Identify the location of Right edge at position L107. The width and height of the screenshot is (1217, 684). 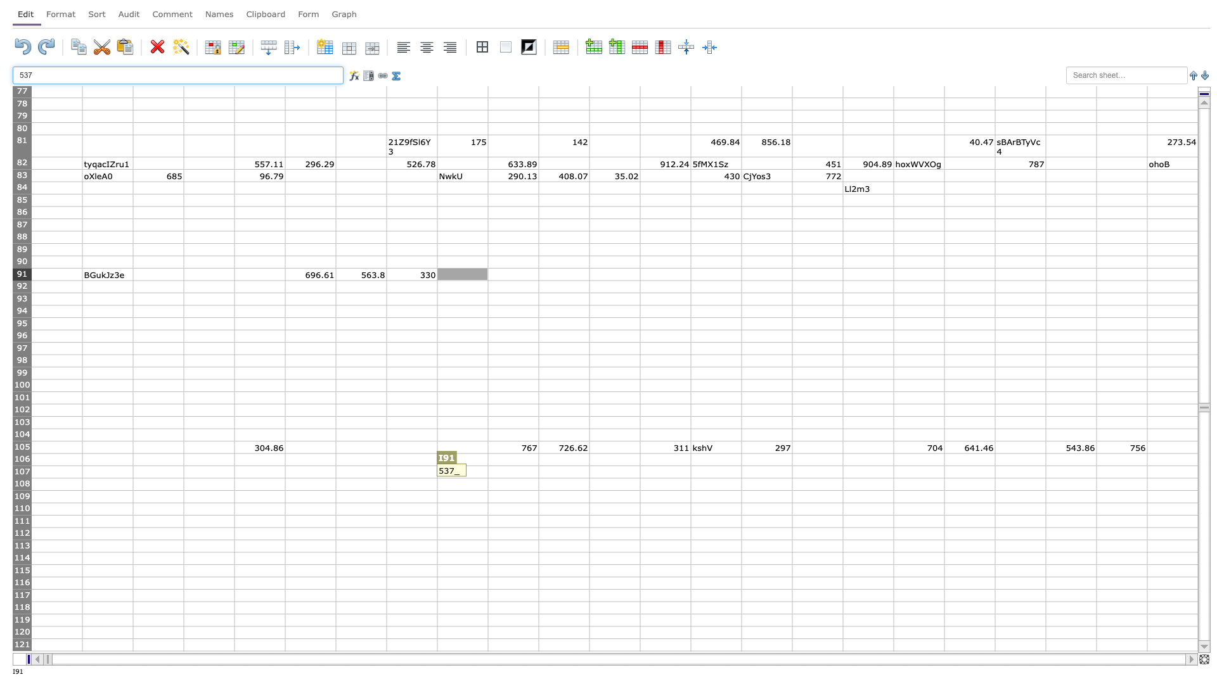
(640, 472).